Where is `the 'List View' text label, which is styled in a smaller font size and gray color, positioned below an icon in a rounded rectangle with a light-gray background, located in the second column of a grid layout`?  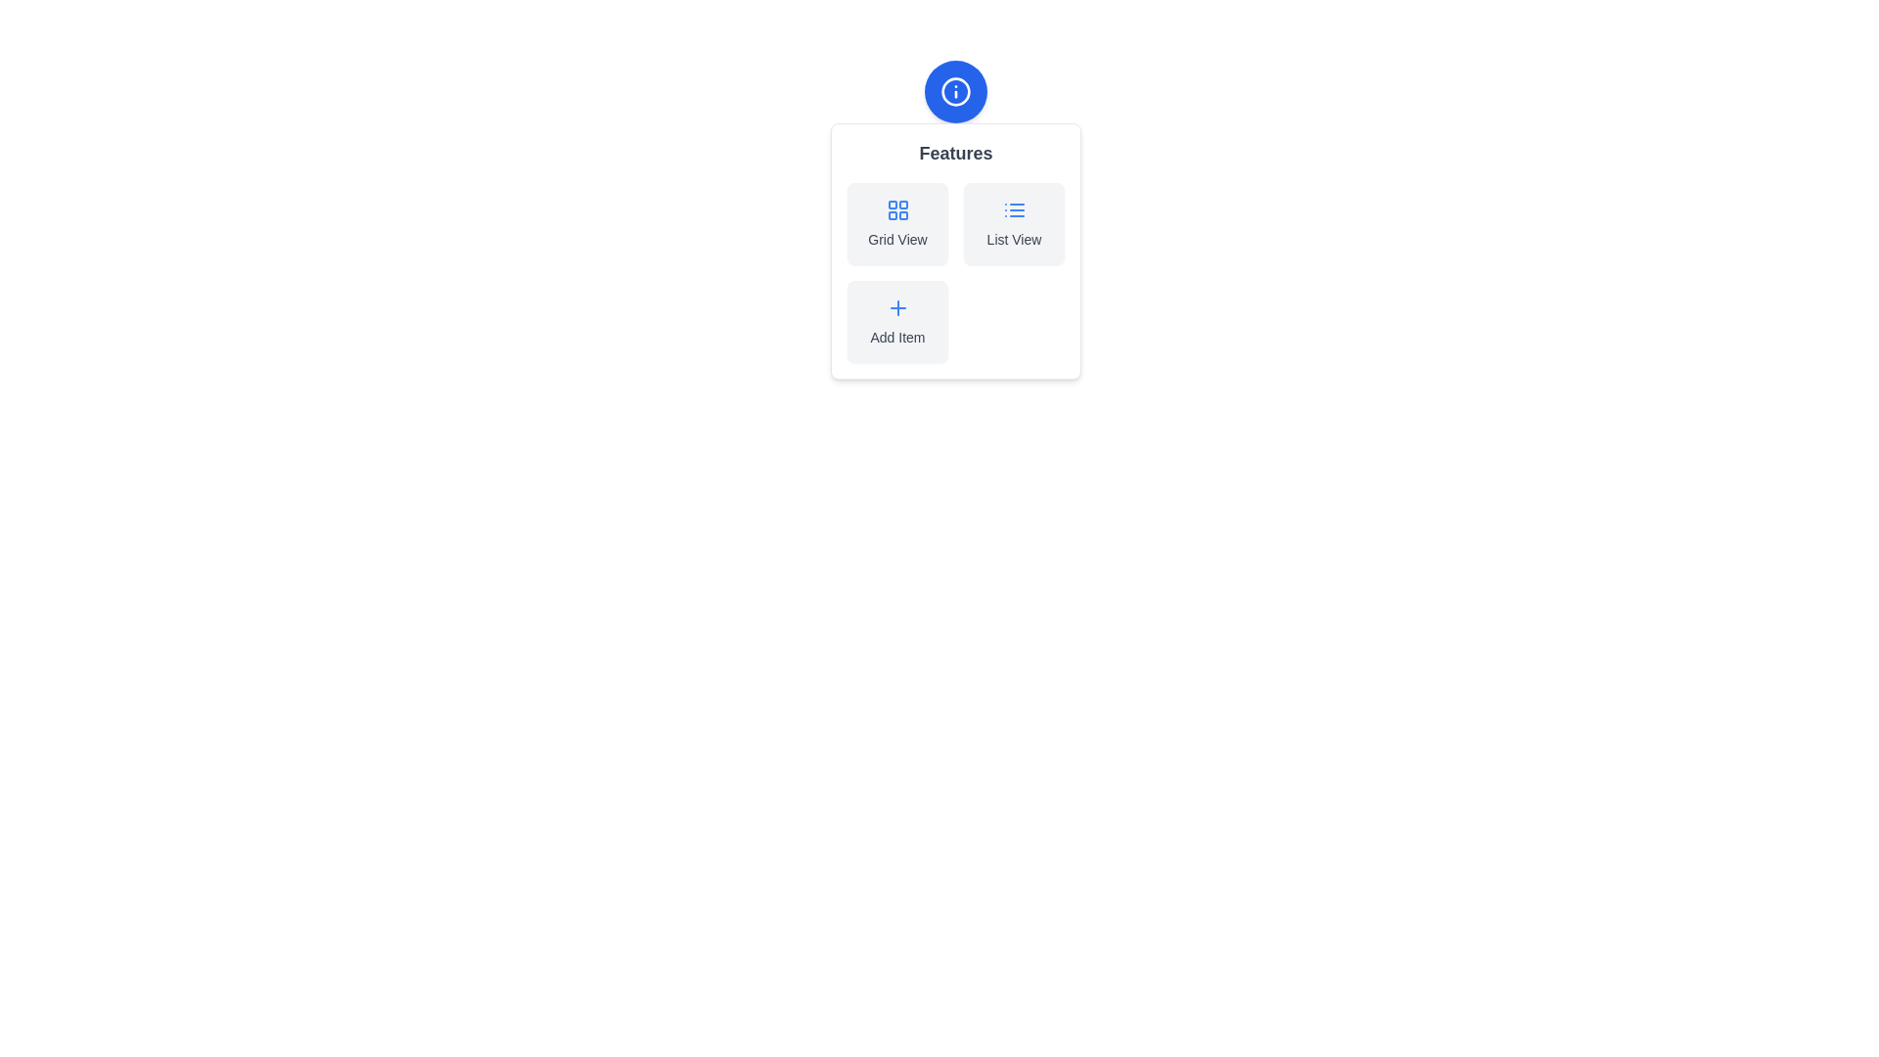 the 'List View' text label, which is styled in a smaller font size and gray color, positioned below an icon in a rounded rectangle with a light-gray background, located in the second column of a grid layout is located at coordinates (1014, 239).